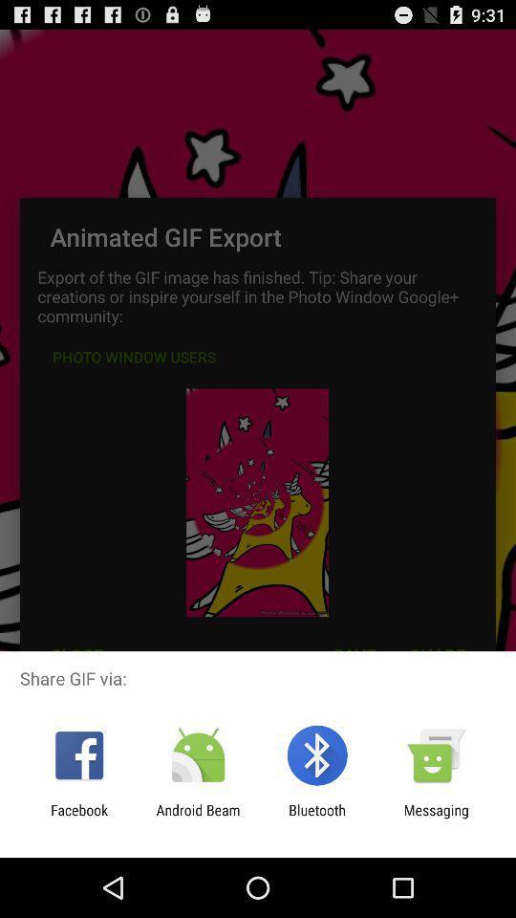  What do you see at coordinates (197, 818) in the screenshot?
I see `android beam item` at bounding box center [197, 818].